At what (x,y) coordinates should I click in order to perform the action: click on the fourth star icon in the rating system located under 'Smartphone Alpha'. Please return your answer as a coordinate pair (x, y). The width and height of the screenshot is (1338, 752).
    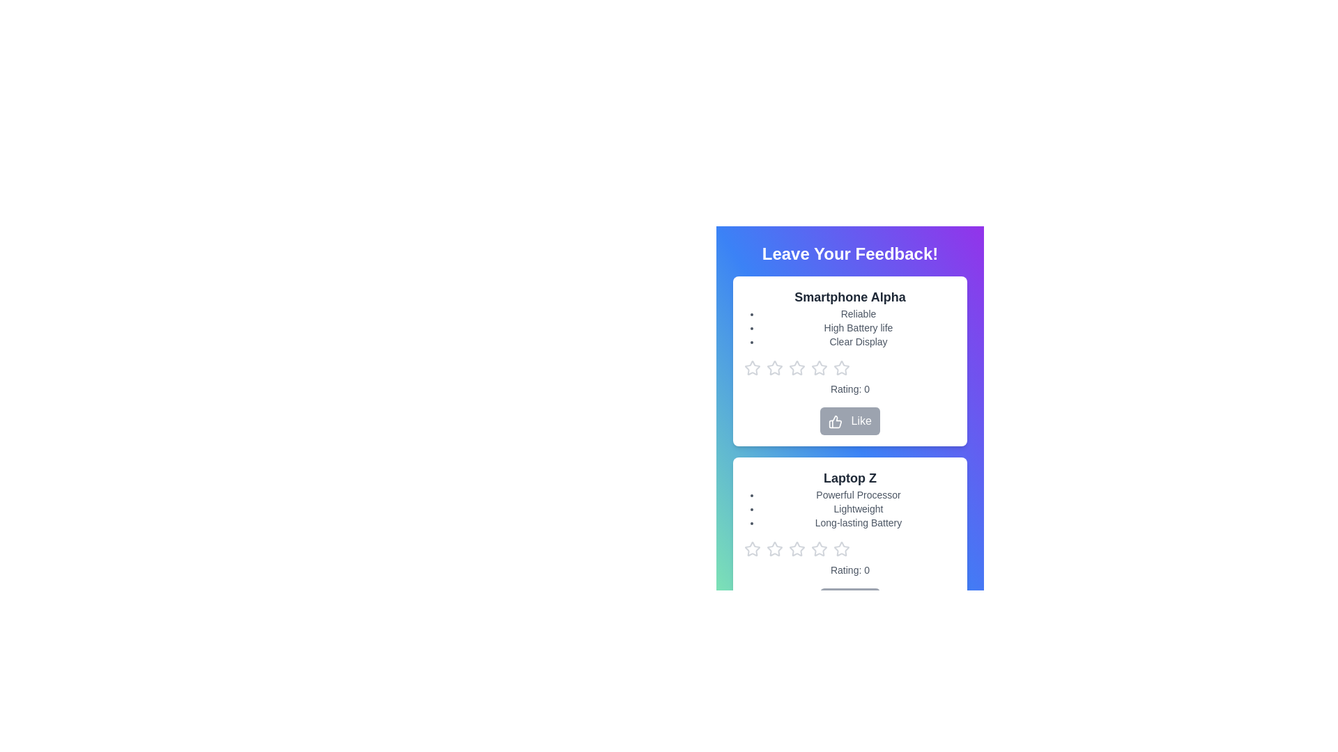
    Looking at the image, I should click on (797, 367).